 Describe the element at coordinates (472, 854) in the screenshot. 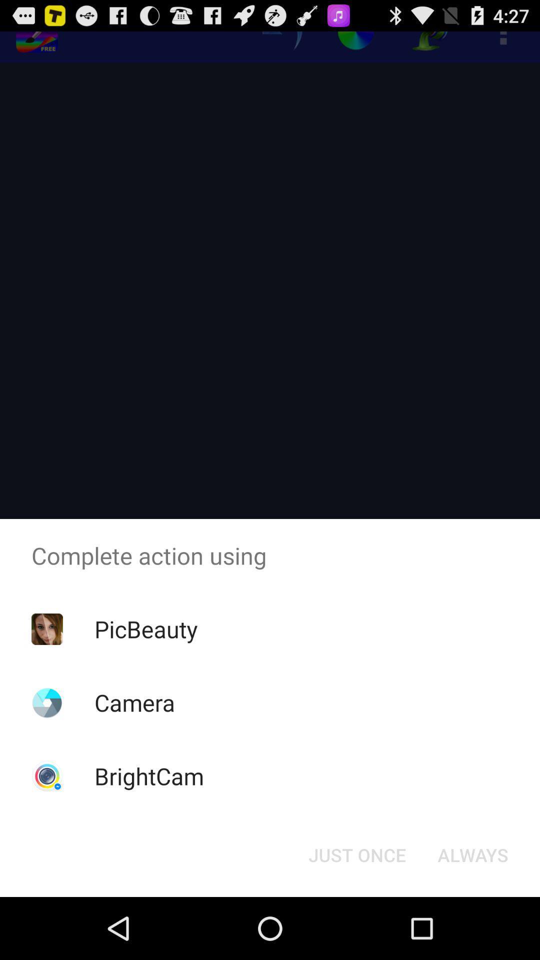

I see `the button next to the just once icon` at that location.